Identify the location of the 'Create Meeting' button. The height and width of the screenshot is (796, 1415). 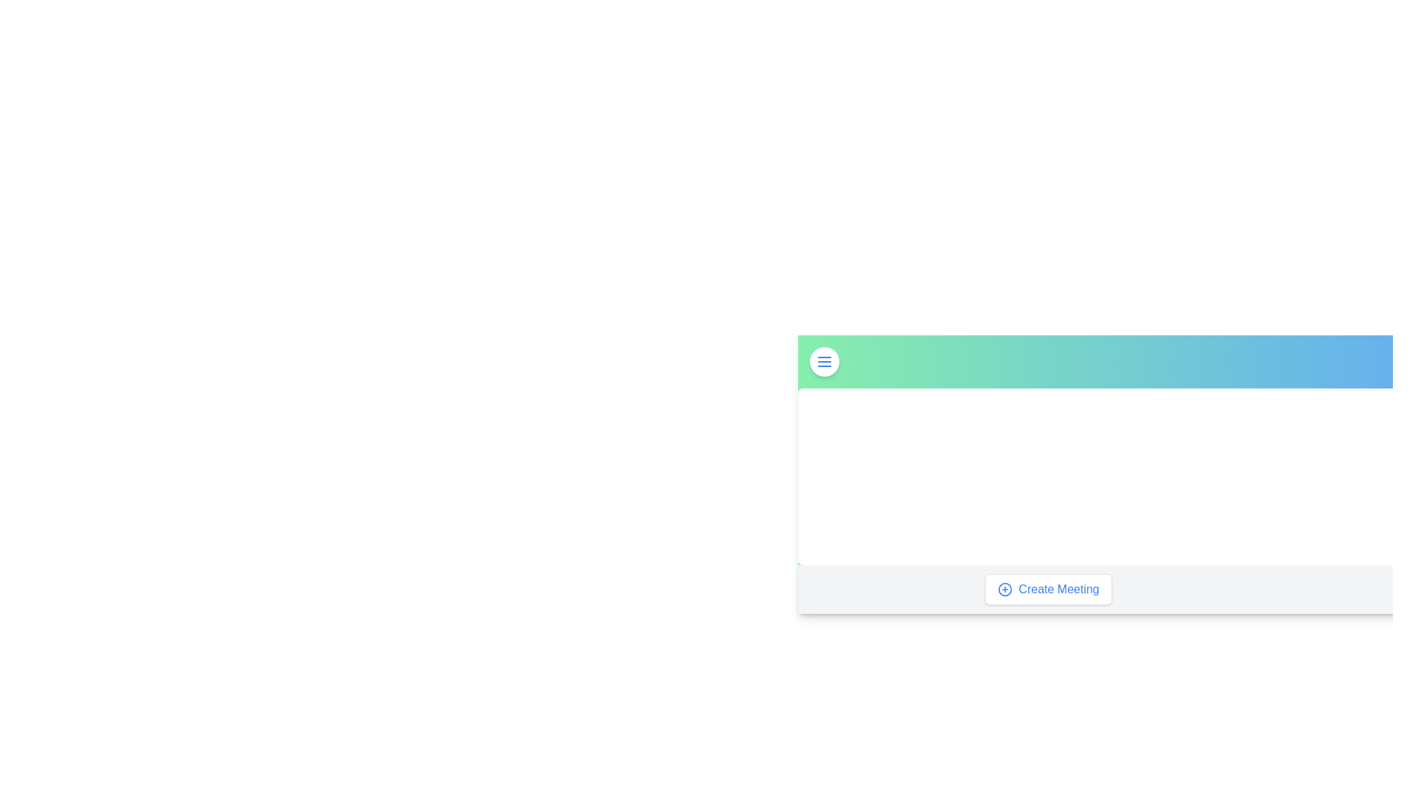
(1048, 588).